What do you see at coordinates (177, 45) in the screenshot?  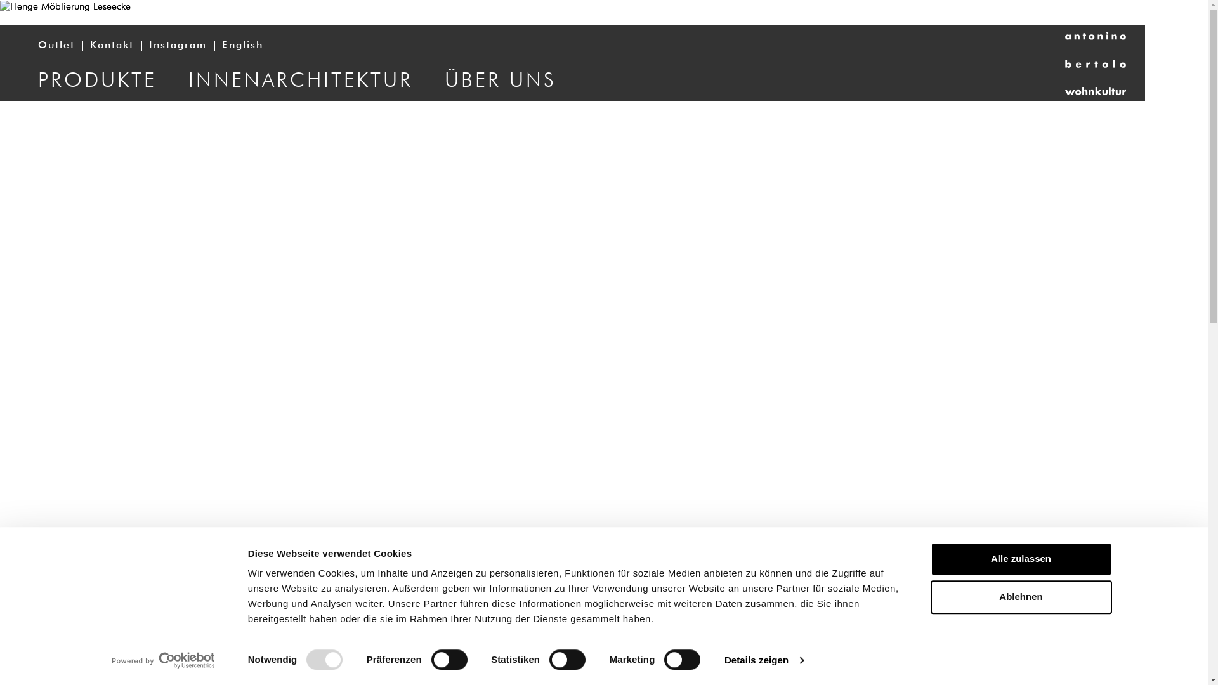 I see `'Instagram'` at bounding box center [177, 45].